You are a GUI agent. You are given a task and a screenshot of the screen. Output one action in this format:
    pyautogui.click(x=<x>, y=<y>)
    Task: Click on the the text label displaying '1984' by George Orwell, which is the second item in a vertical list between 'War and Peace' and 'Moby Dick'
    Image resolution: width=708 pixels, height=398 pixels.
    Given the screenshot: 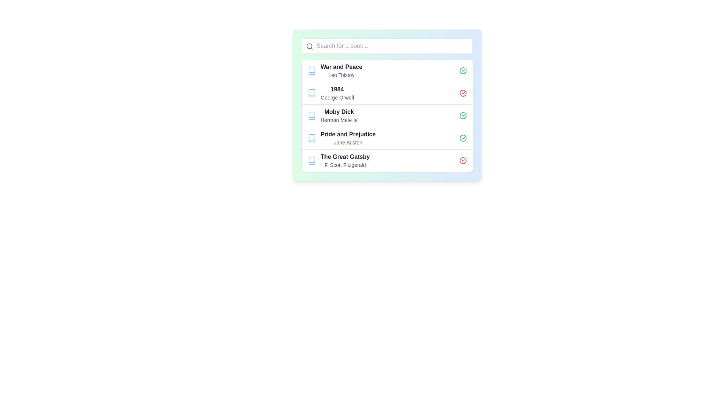 What is the action you would take?
    pyautogui.click(x=337, y=93)
    